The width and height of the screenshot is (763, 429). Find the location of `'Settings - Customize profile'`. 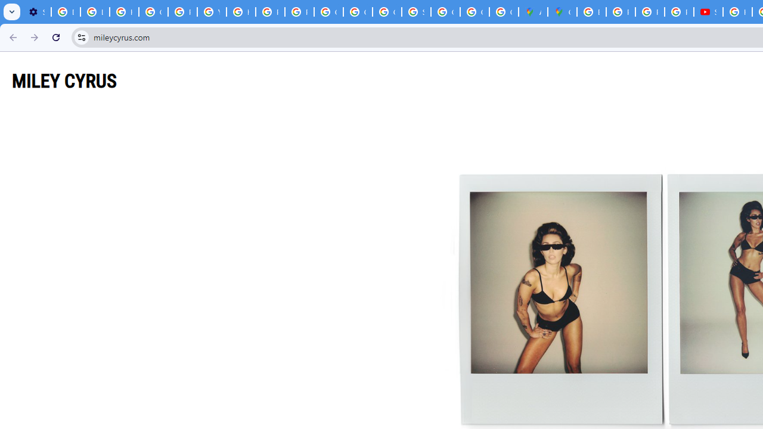

'Settings - Customize profile' is located at coordinates (36, 12).